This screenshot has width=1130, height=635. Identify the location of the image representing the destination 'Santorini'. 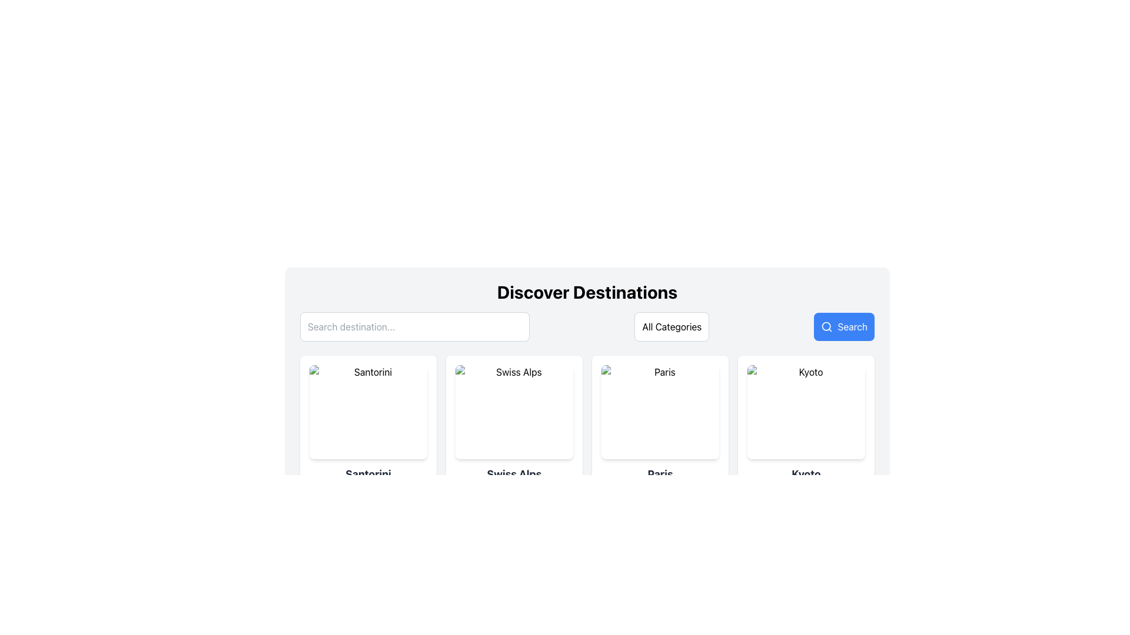
(367, 412).